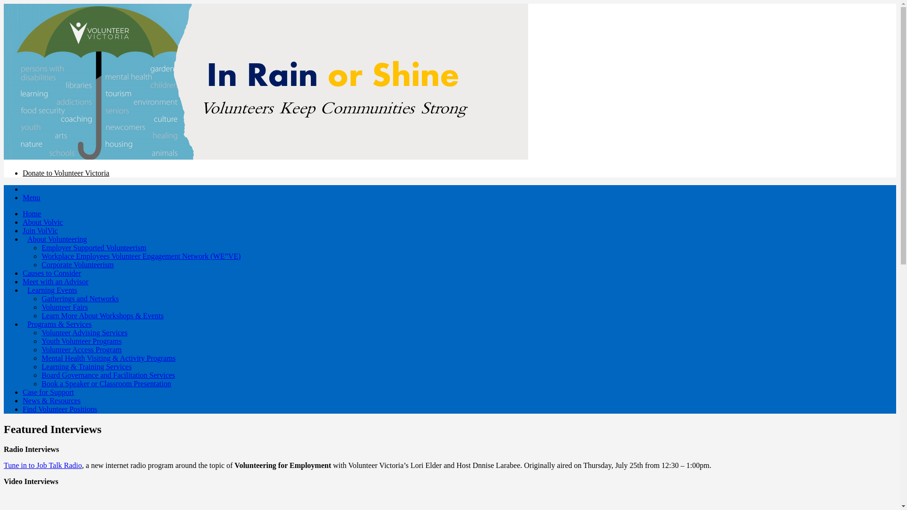  I want to click on 'Meet with an Advisor', so click(55, 281).